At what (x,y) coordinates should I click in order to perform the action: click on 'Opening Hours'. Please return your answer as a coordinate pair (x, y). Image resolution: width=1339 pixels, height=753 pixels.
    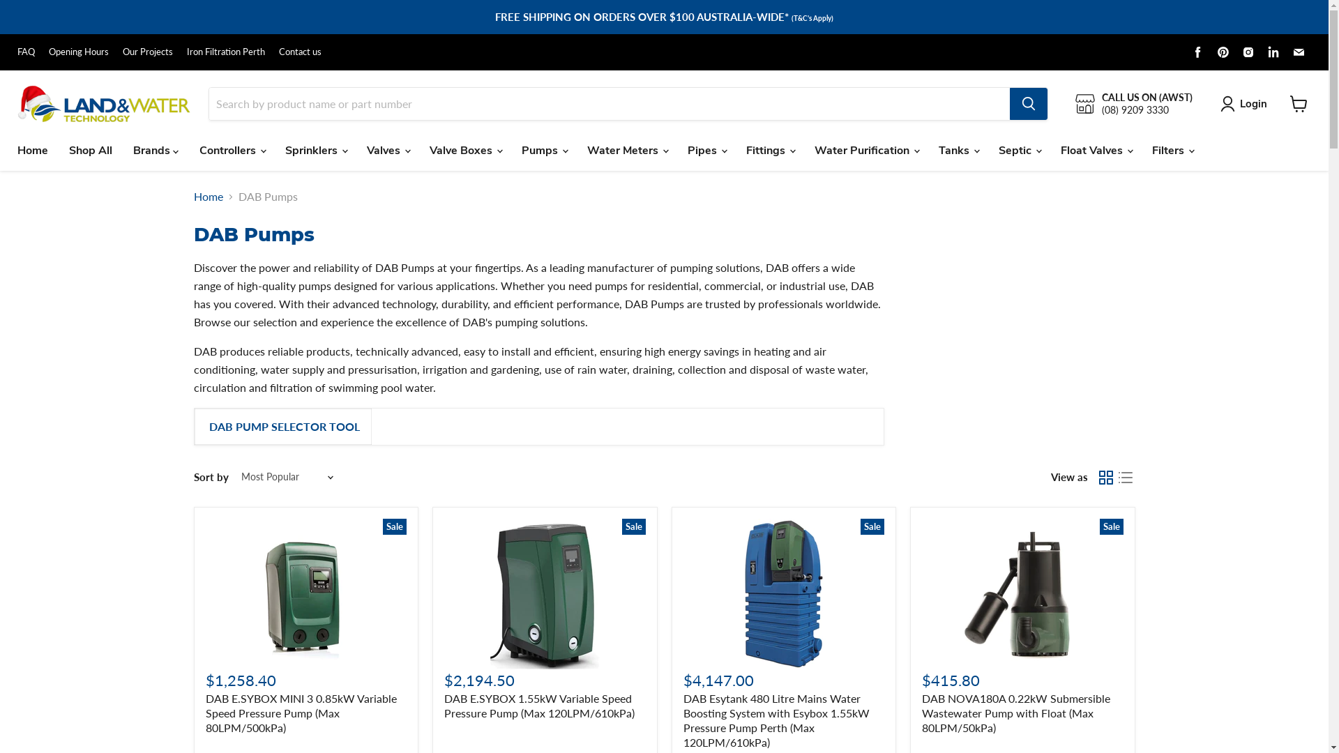
    Looking at the image, I should click on (78, 51).